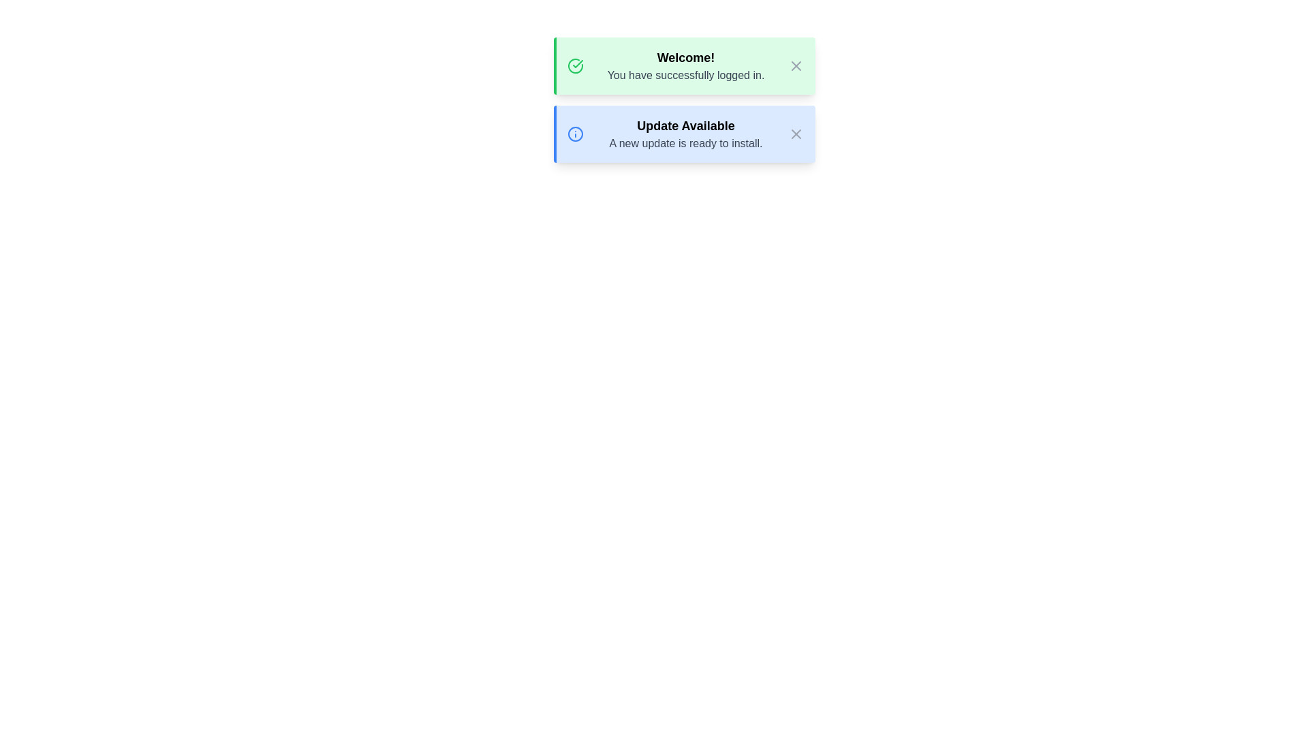 The width and height of the screenshot is (1308, 736). Describe the element at coordinates (796, 134) in the screenshot. I see `the close button located in the top-right corner of the 'Update Available' notification` at that location.